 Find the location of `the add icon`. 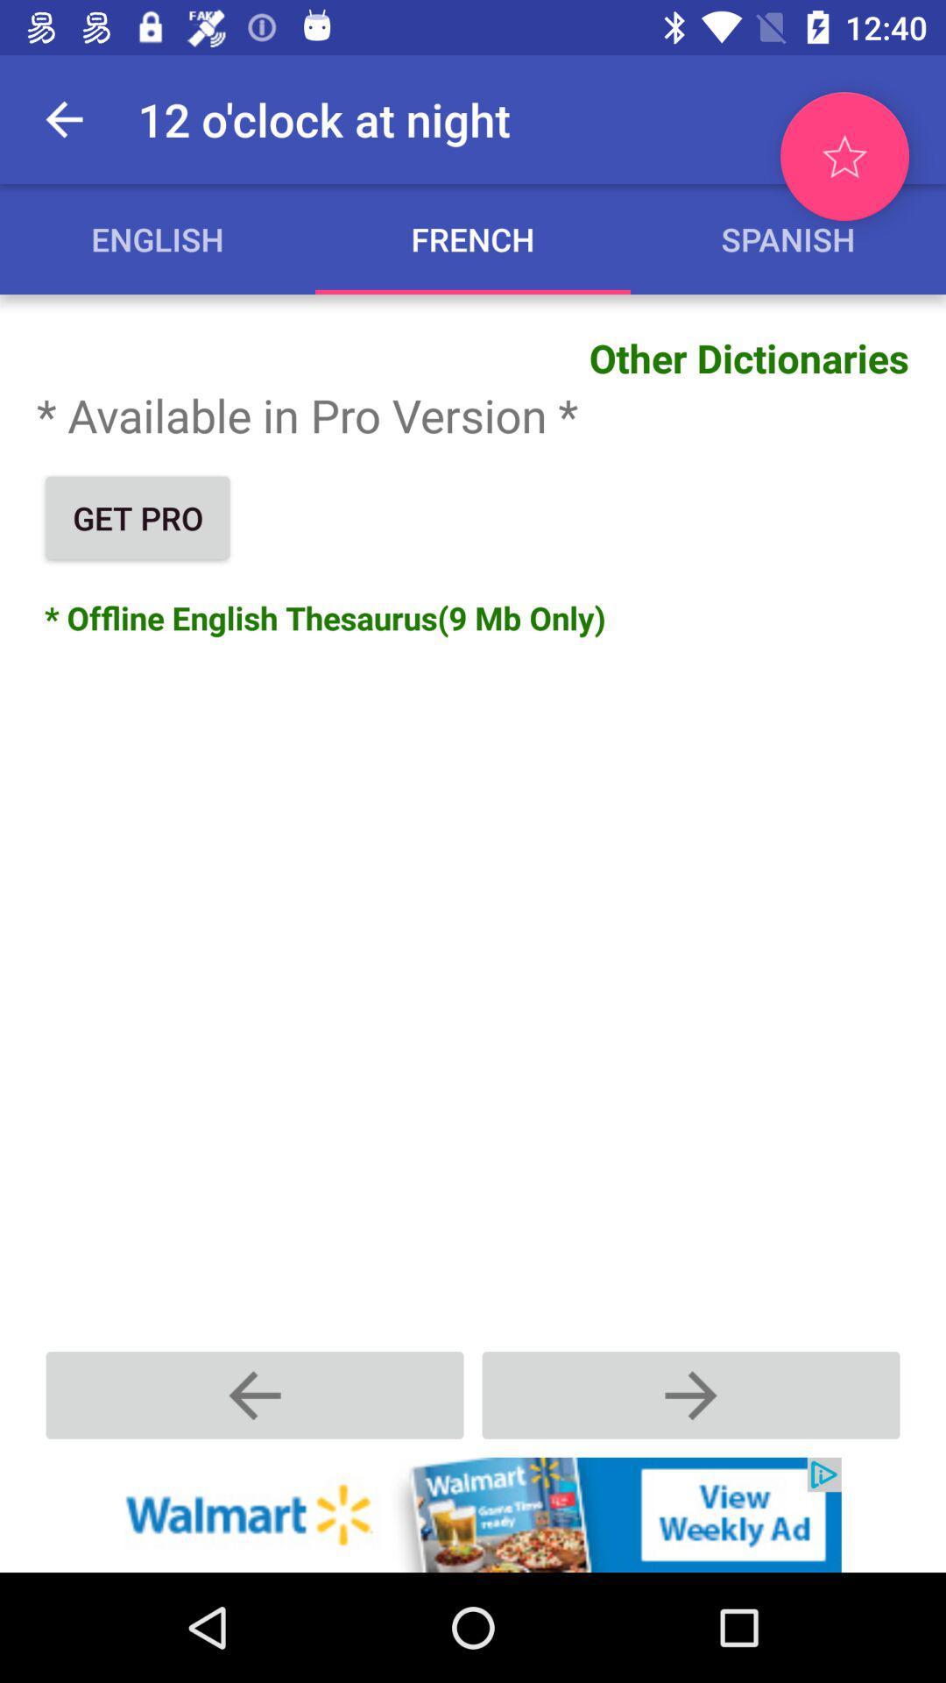

the add icon is located at coordinates (690, 1394).